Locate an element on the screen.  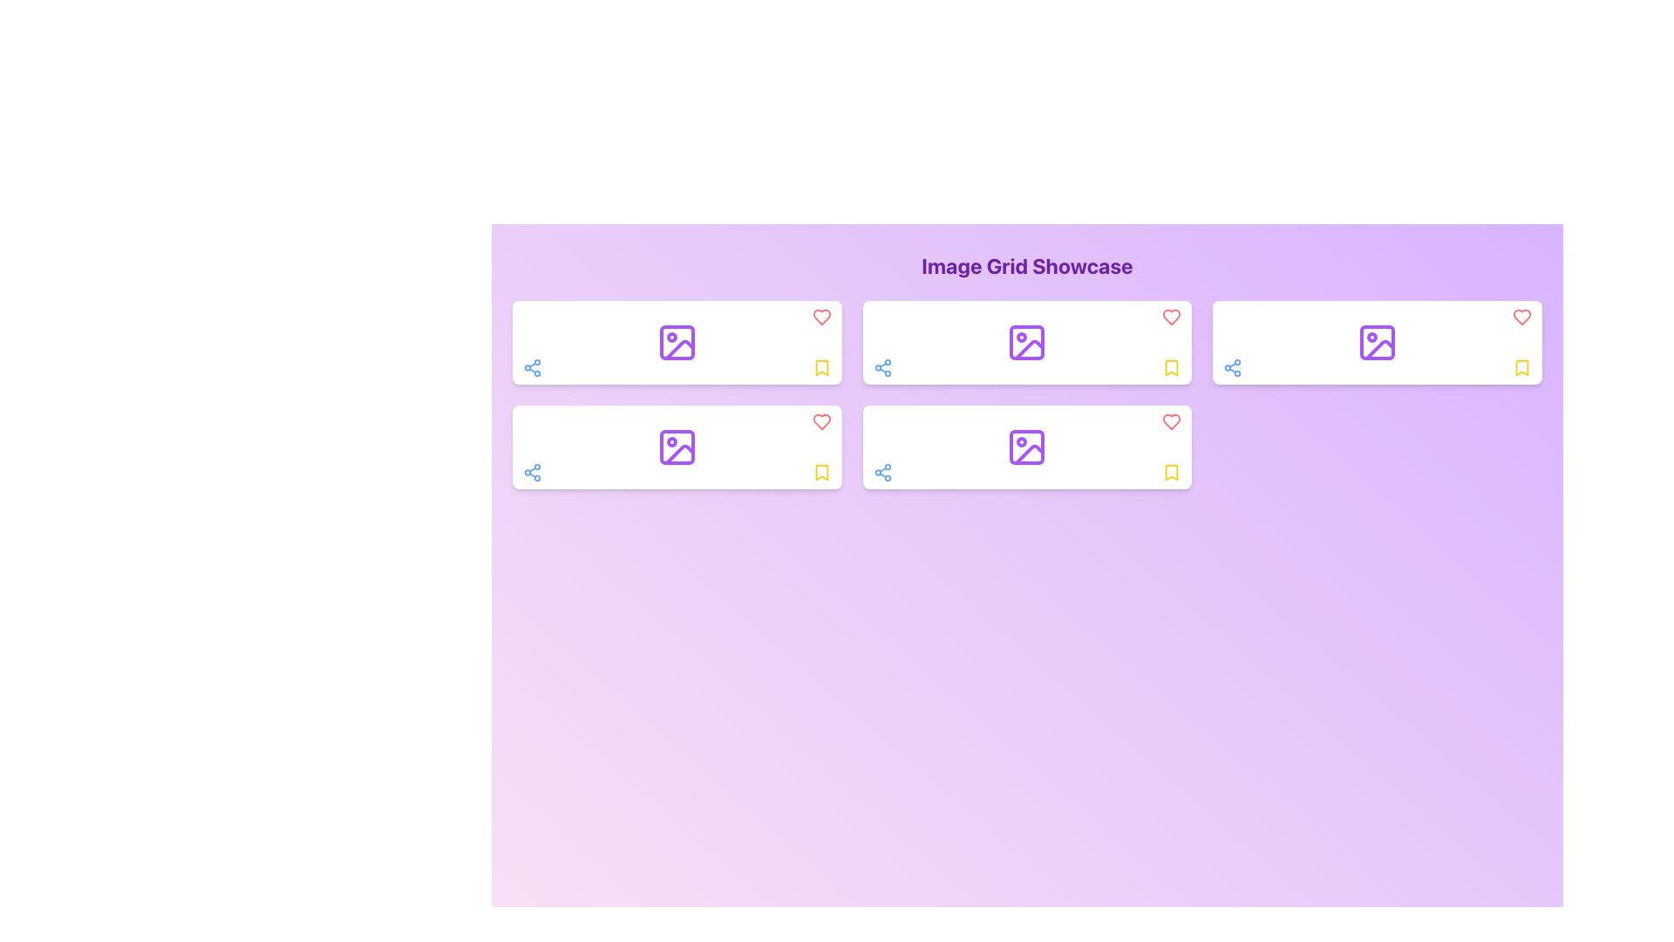
the yellow bookmark icon button located at the bottom-right corner of the third card in the top row of a 3x2 grid layout to bookmark is located at coordinates (1172, 366).